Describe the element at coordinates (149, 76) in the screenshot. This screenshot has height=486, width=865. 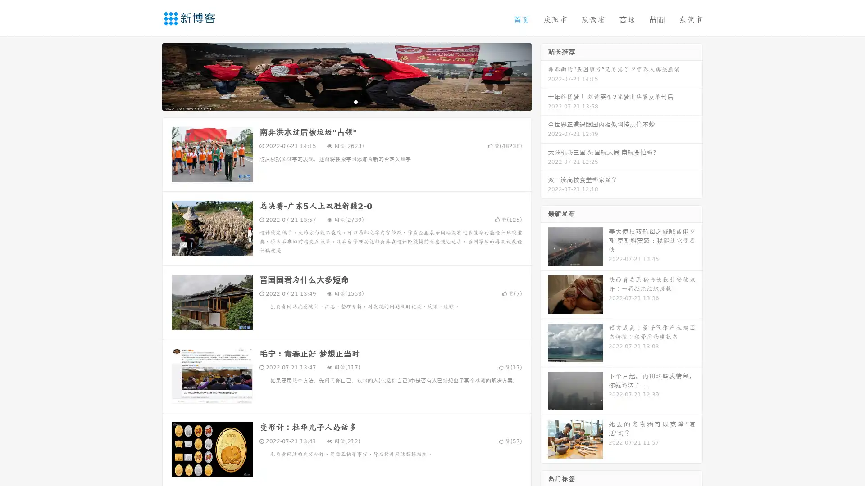
I see `Previous slide` at that location.